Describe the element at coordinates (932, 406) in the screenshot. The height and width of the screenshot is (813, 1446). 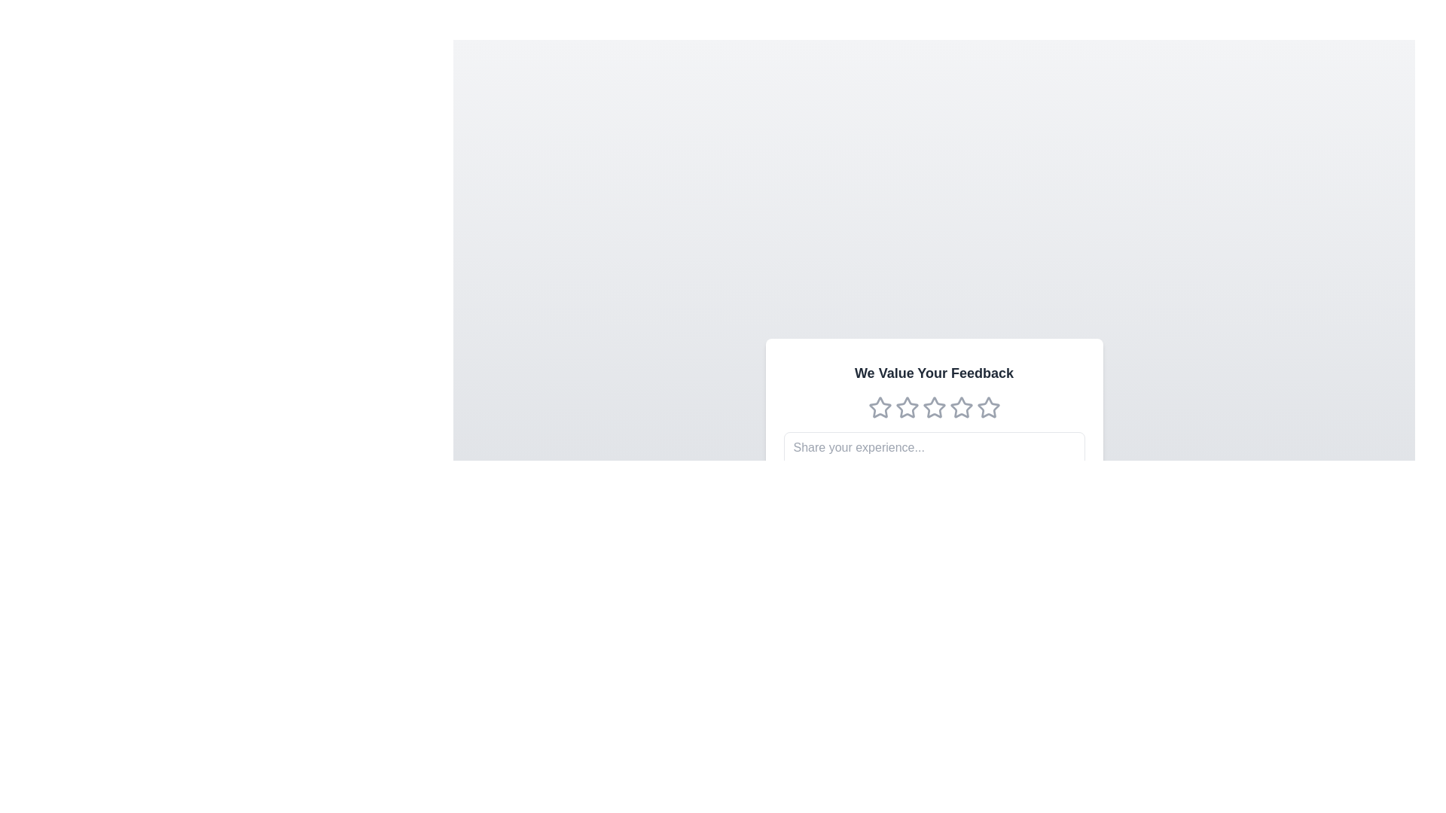
I see `the third star icon in the rating system` at that location.